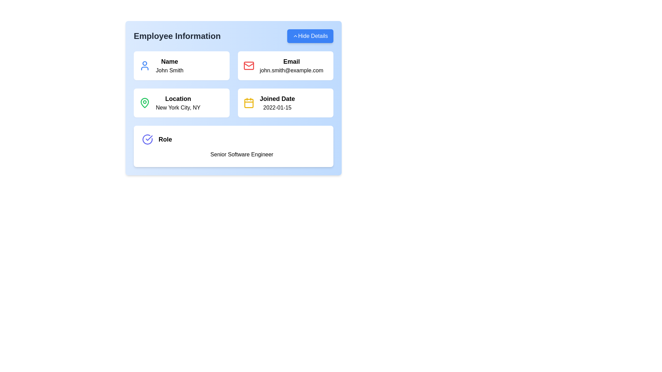 This screenshot has width=662, height=372. What do you see at coordinates (242, 154) in the screenshot?
I see `text content of the 'Senior Software Engineer' label located at the bottom of the 'Role' card in the 'Employee Information' section` at bounding box center [242, 154].